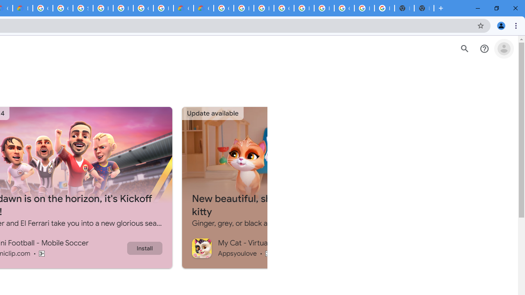  I want to click on 'Help Center', so click(484, 49).